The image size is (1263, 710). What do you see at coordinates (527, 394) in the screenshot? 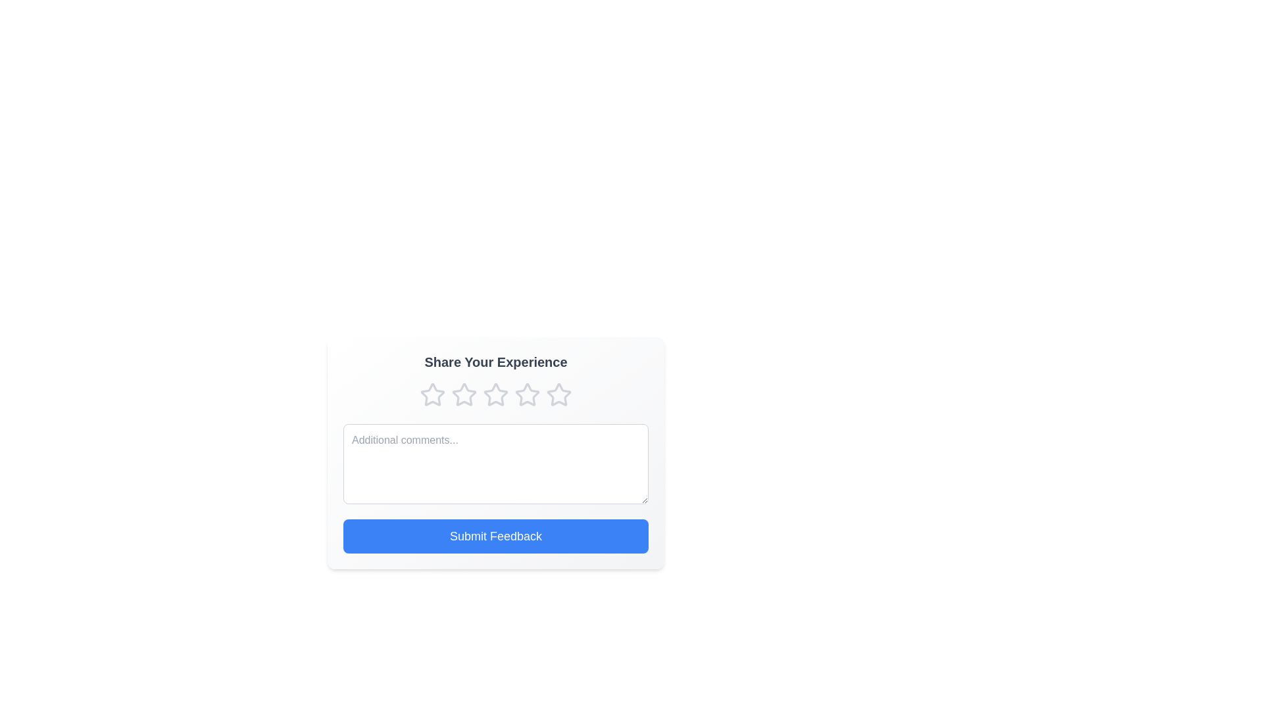
I see `the seventh star rating icon, which is styled with a light gray outline and is located under the title 'Share Your Experience'` at bounding box center [527, 394].